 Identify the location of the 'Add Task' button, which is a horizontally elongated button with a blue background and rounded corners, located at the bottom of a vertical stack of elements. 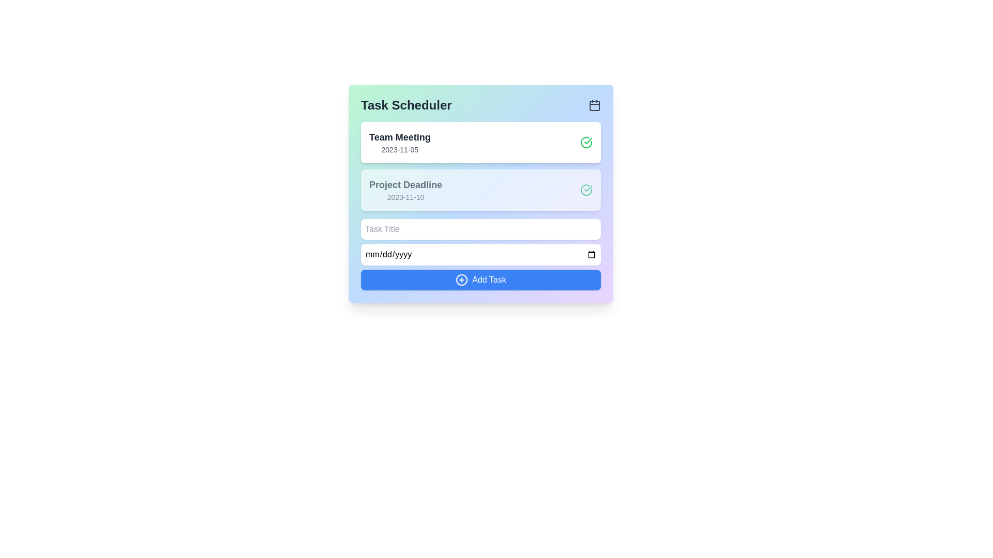
(480, 280).